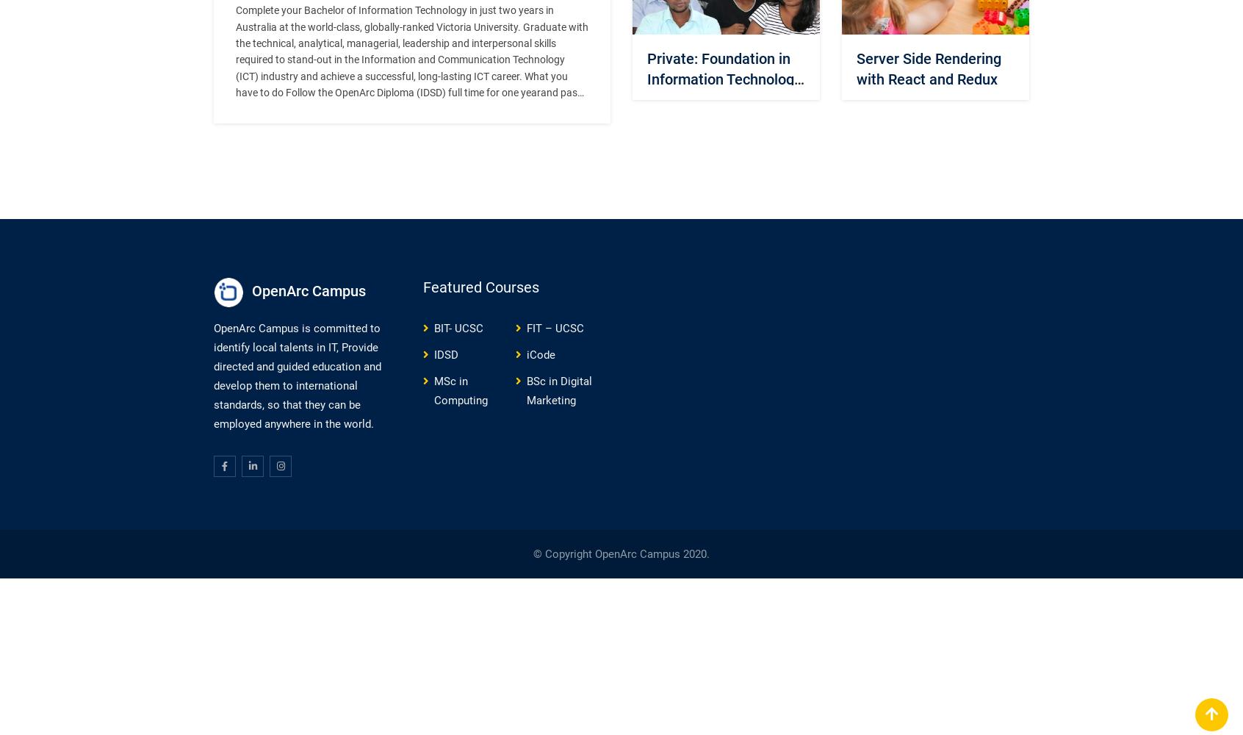  I want to click on 'OpenArc Campus', so click(309, 290).